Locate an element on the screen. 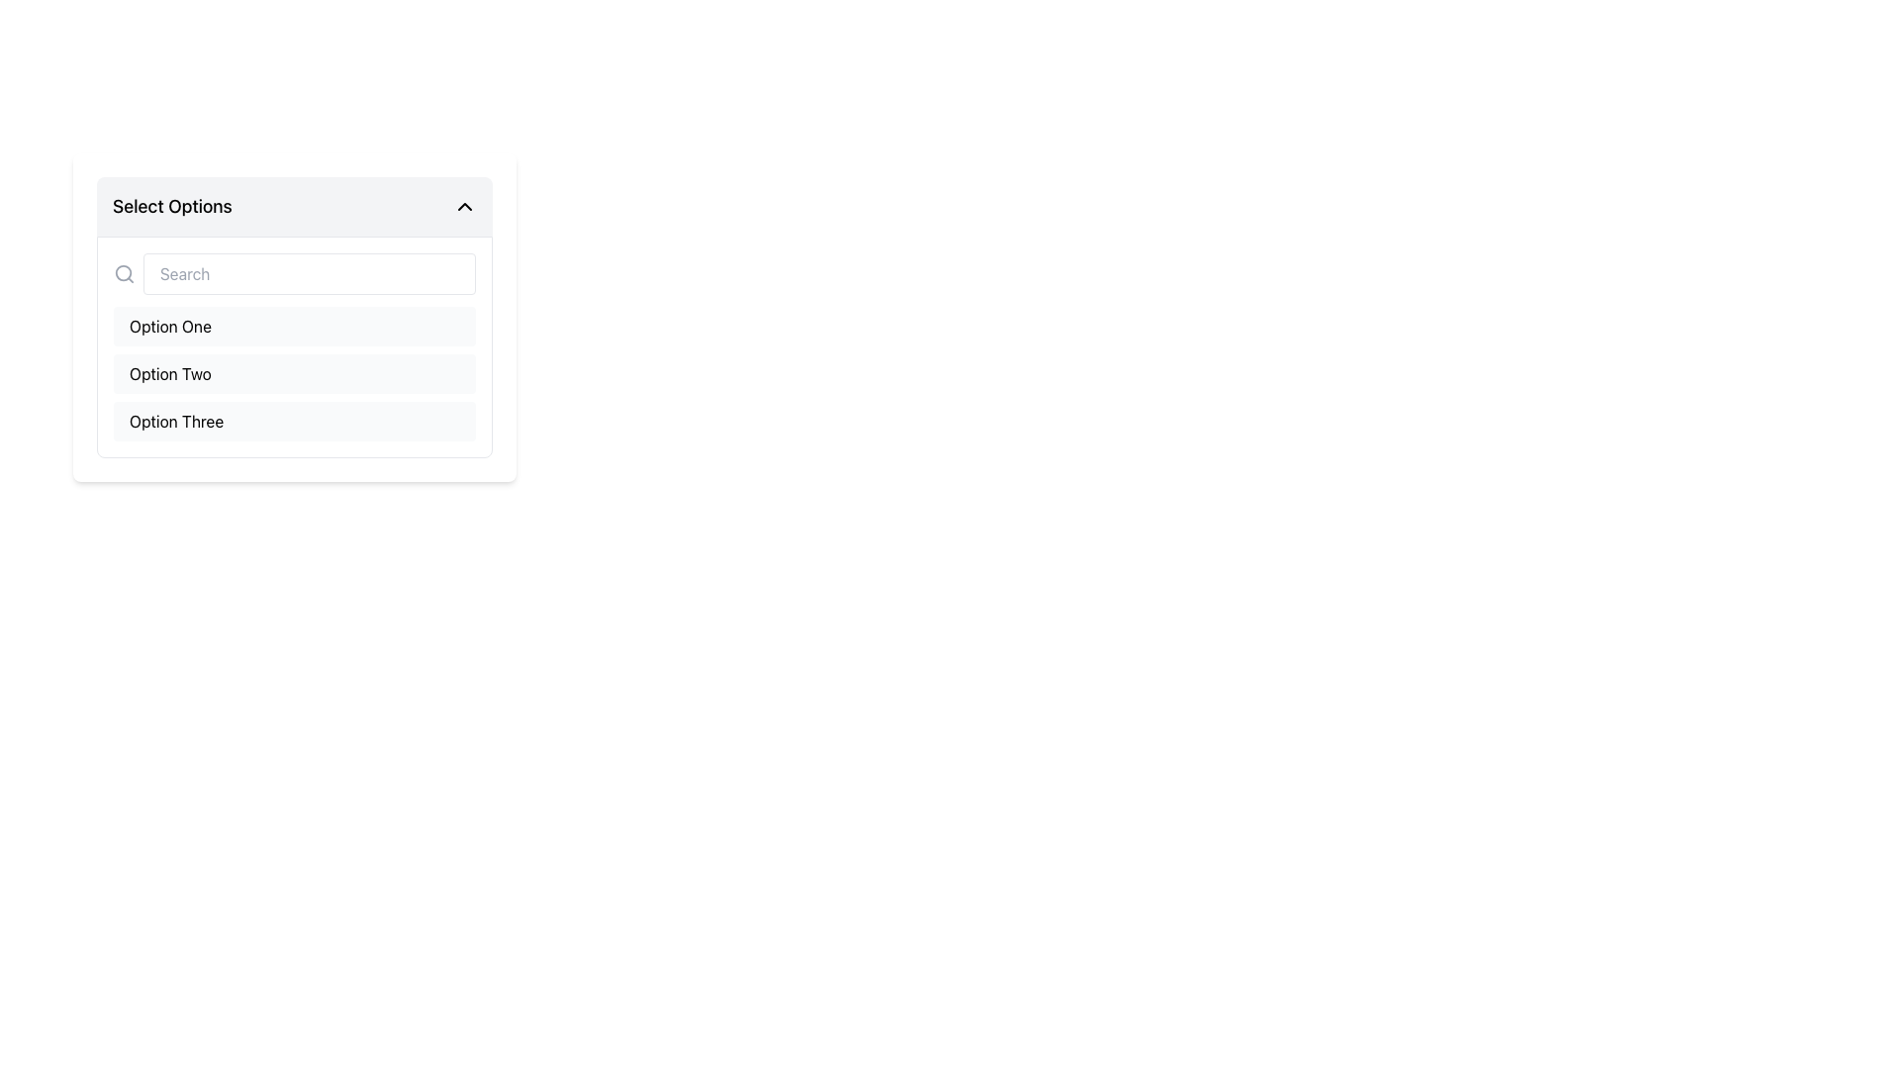 The image size is (1900, 1069). the third list item labeled 'Option Three' in the dropdown menu is located at coordinates (293, 420).